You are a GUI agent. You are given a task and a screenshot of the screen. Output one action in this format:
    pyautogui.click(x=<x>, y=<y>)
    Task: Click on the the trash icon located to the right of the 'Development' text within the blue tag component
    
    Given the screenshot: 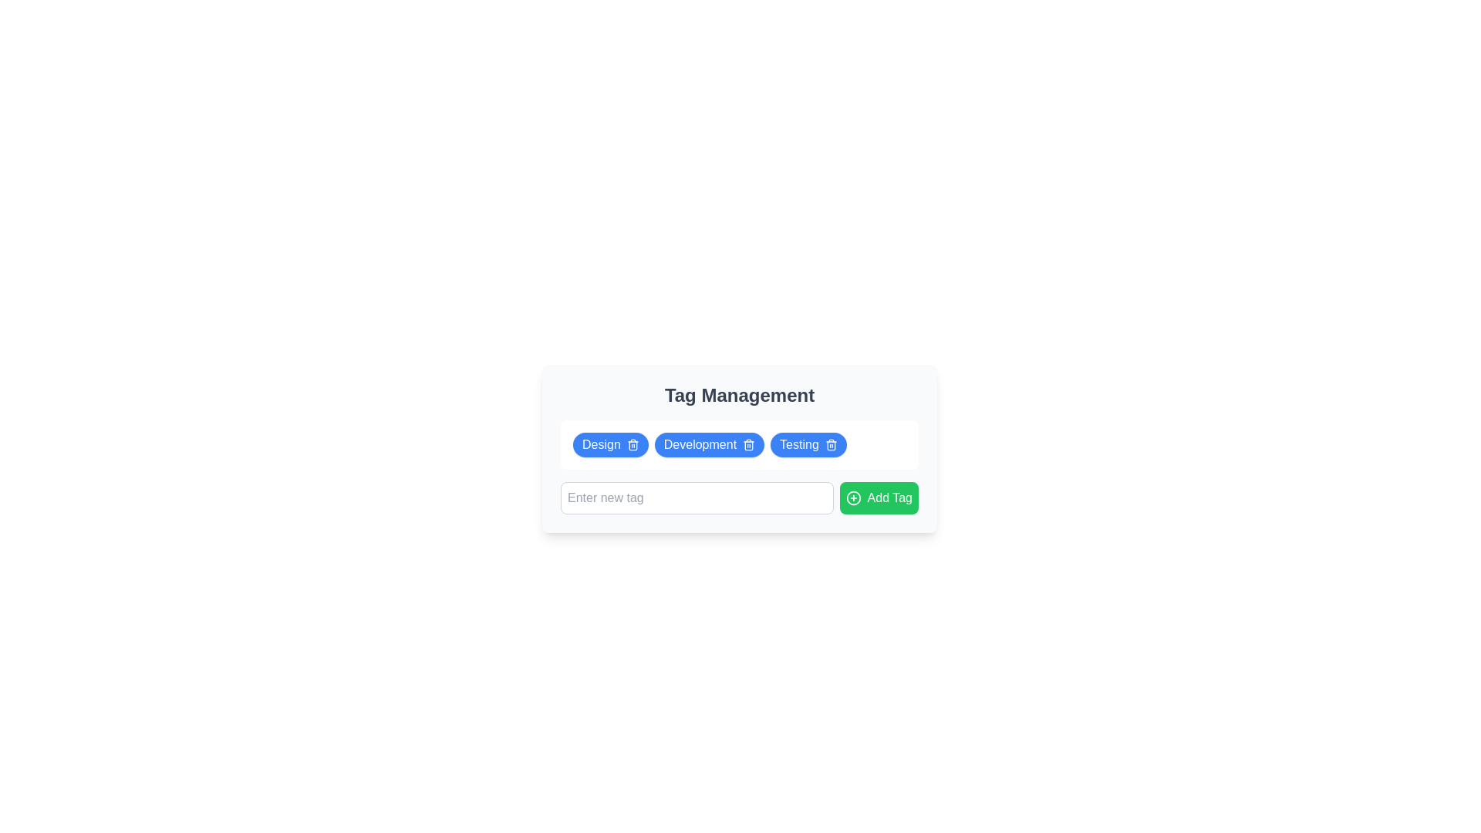 What is the action you would take?
    pyautogui.click(x=749, y=445)
    